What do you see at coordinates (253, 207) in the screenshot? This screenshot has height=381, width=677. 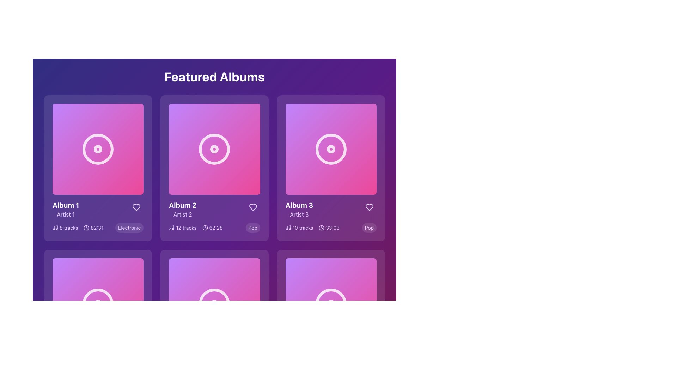 I see `the purple heart-shaped icon with an outlined design` at bounding box center [253, 207].